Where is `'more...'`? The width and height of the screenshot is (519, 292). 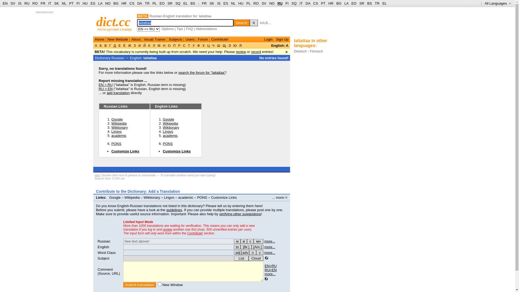
'more...' is located at coordinates (270, 253).